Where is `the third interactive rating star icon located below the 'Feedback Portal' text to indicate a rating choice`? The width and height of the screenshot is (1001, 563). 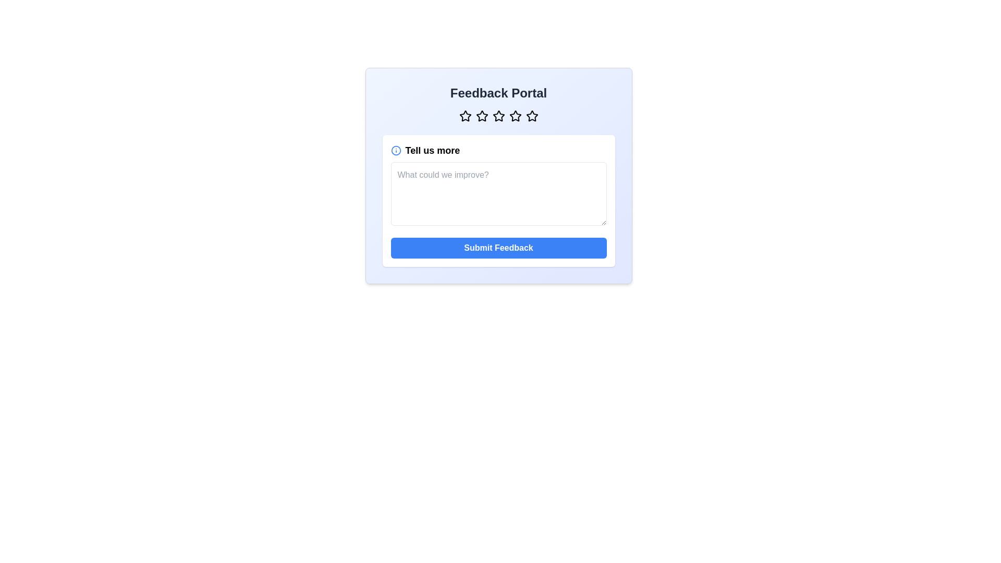 the third interactive rating star icon located below the 'Feedback Portal' text to indicate a rating choice is located at coordinates (498, 116).